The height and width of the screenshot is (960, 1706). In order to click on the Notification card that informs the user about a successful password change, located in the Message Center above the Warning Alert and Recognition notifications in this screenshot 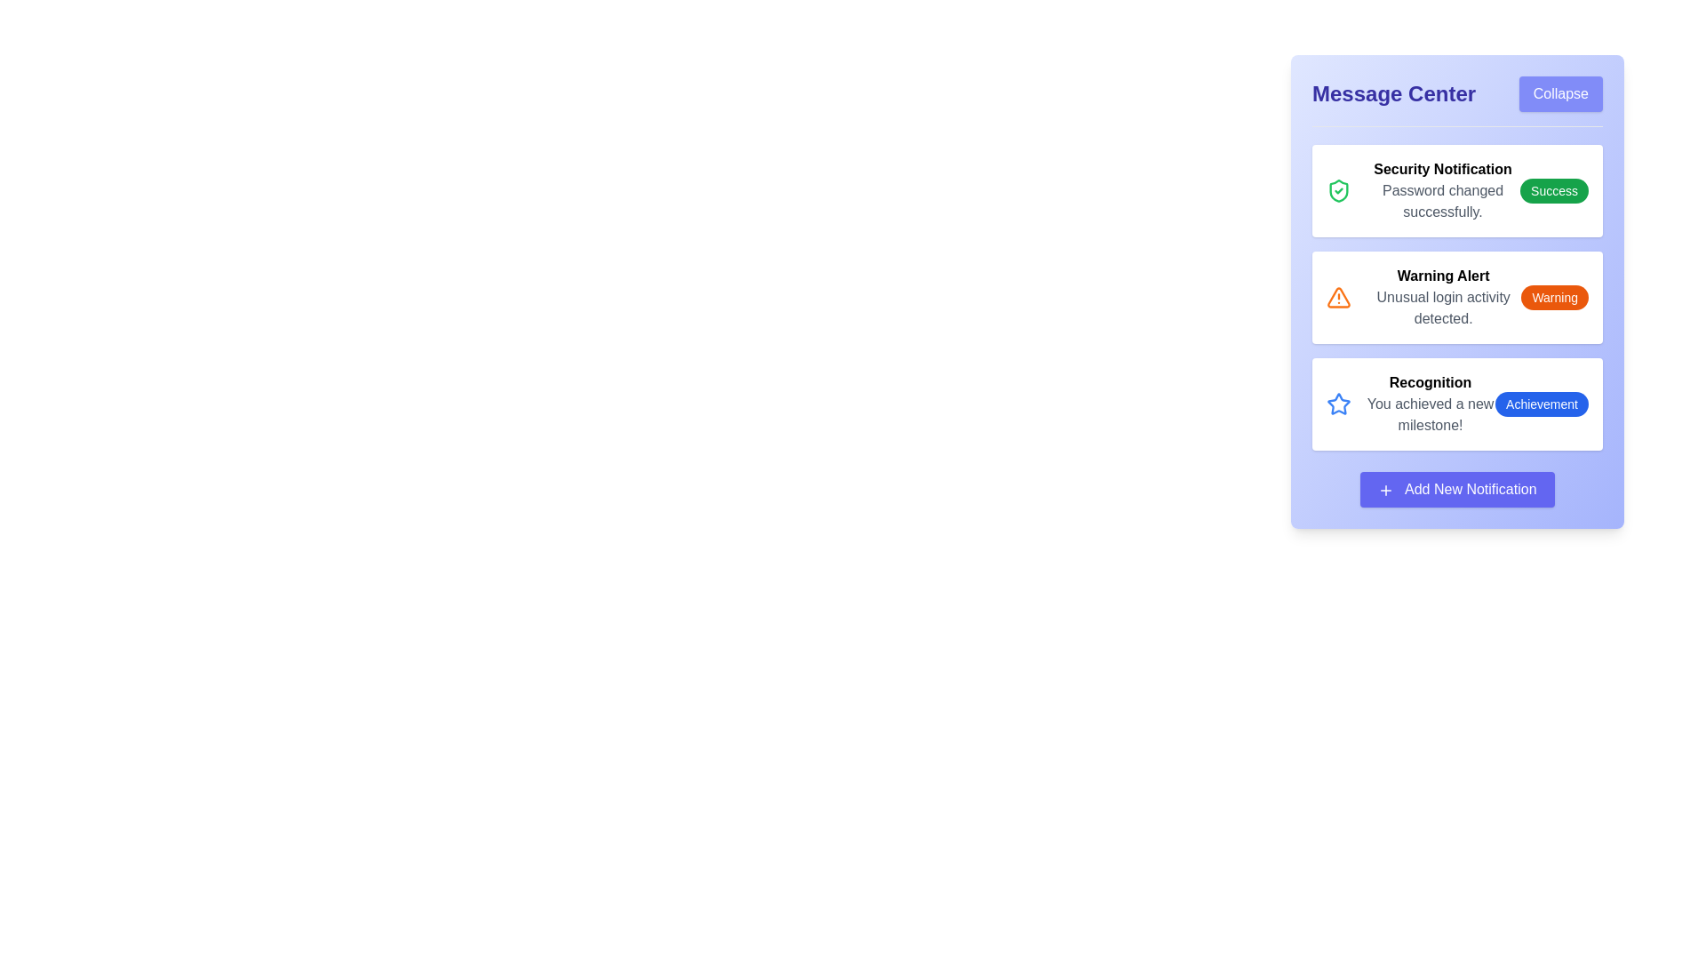, I will do `click(1457, 191)`.